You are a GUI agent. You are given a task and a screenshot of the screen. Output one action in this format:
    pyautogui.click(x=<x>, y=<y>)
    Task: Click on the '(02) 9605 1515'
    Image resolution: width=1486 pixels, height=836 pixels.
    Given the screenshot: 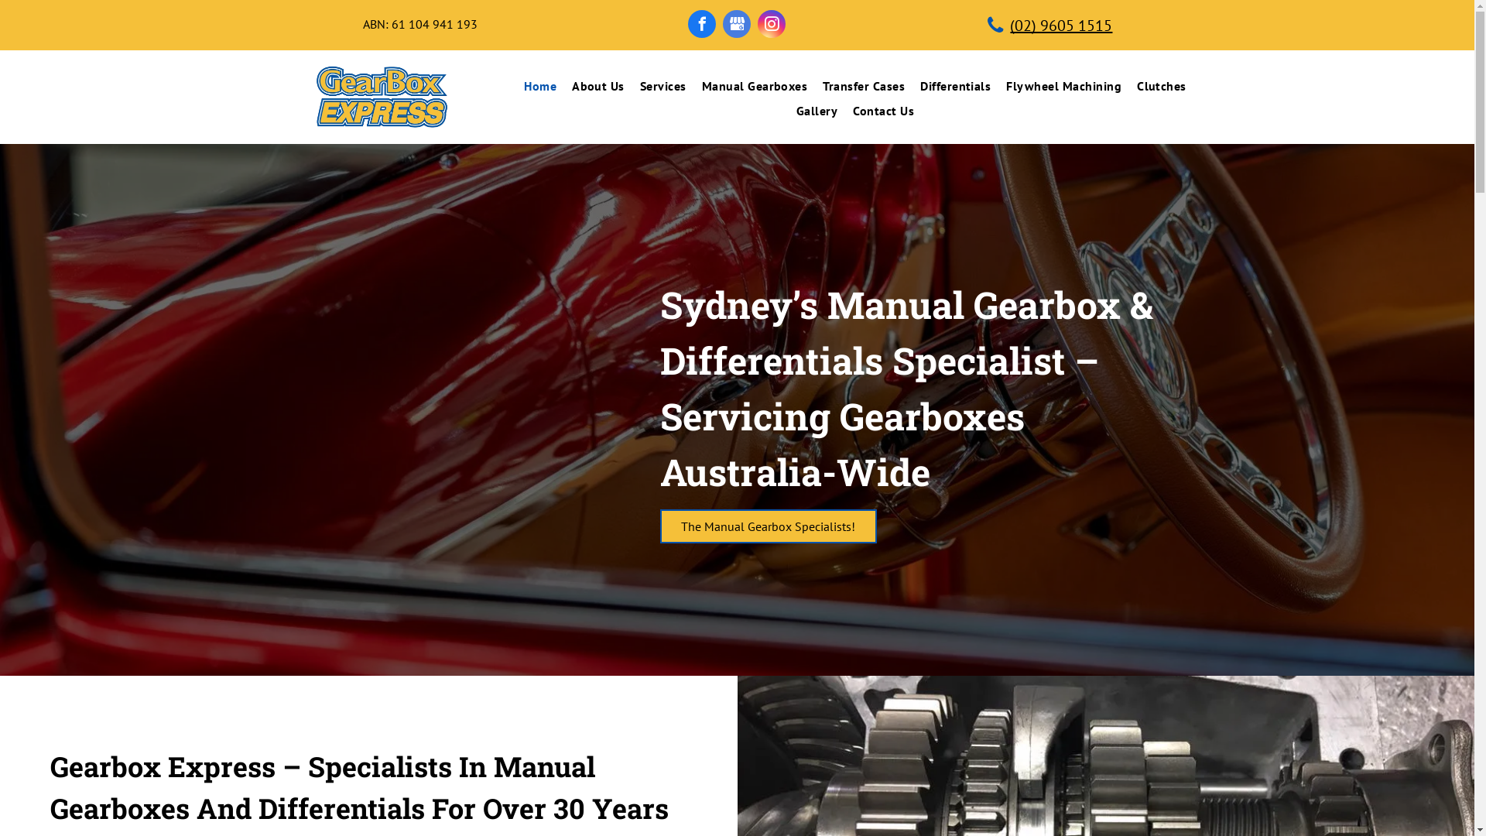 What is the action you would take?
    pyautogui.click(x=1053, y=25)
    